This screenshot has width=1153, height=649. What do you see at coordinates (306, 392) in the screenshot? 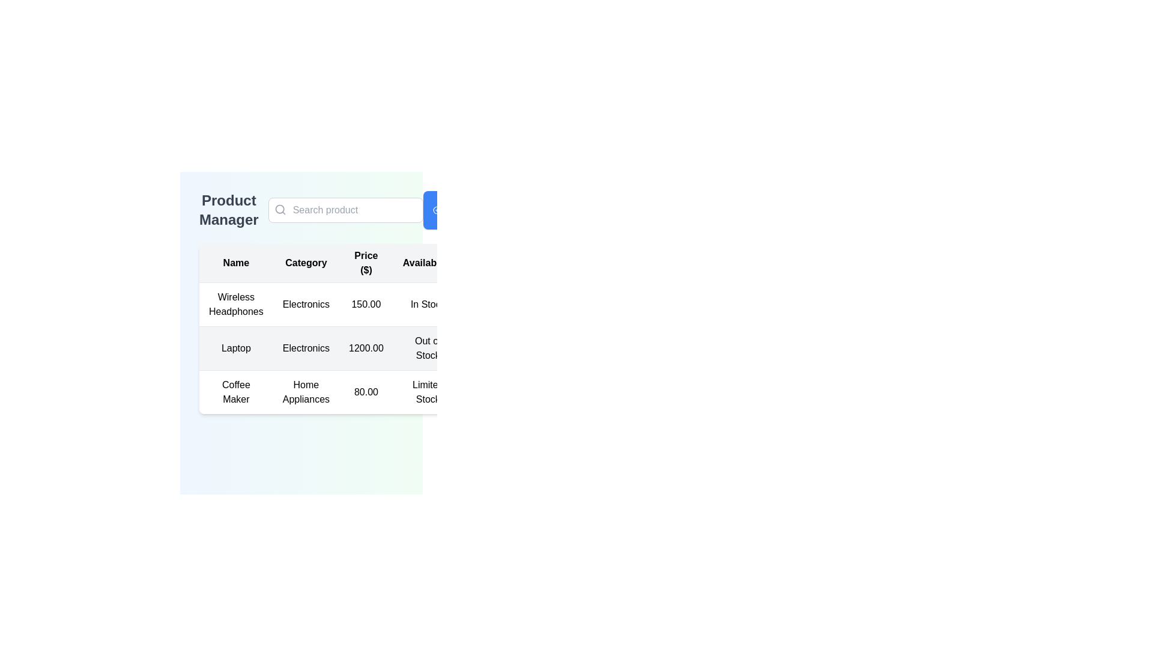
I see `the 'Home Appliances' text label in the 'Category' column of the product manager interface` at bounding box center [306, 392].